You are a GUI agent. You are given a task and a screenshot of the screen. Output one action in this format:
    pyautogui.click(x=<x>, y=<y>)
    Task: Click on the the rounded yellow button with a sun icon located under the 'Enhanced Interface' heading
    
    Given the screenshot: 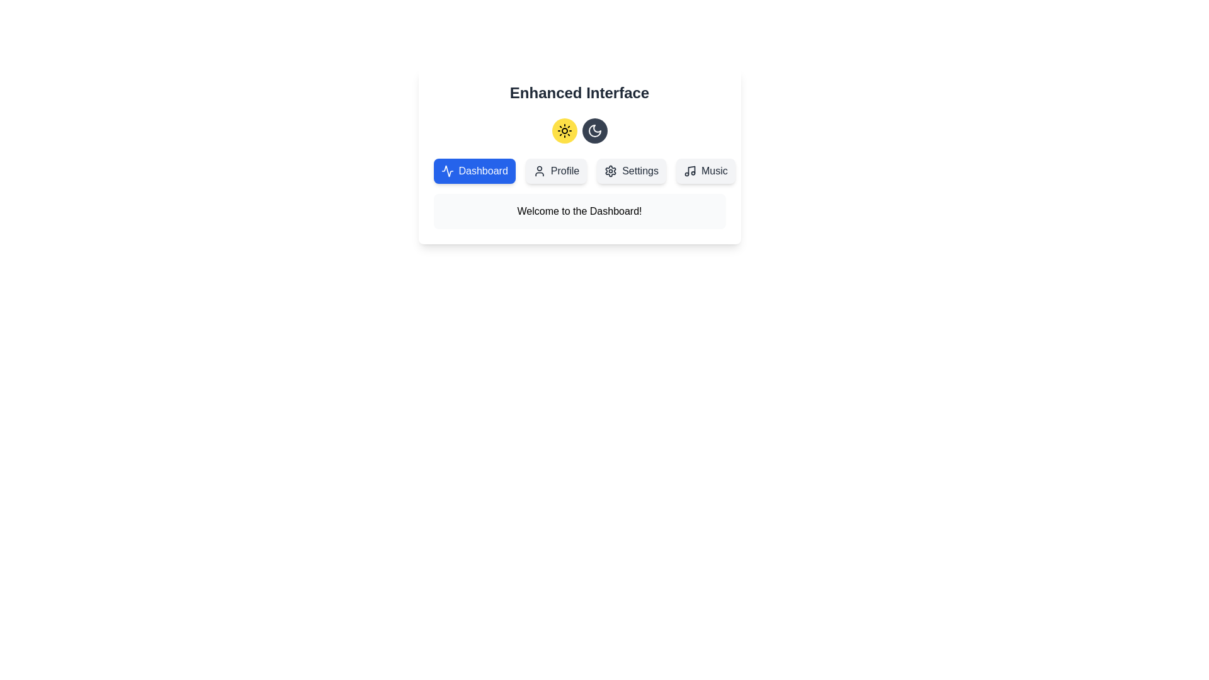 What is the action you would take?
    pyautogui.click(x=564, y=131)
    